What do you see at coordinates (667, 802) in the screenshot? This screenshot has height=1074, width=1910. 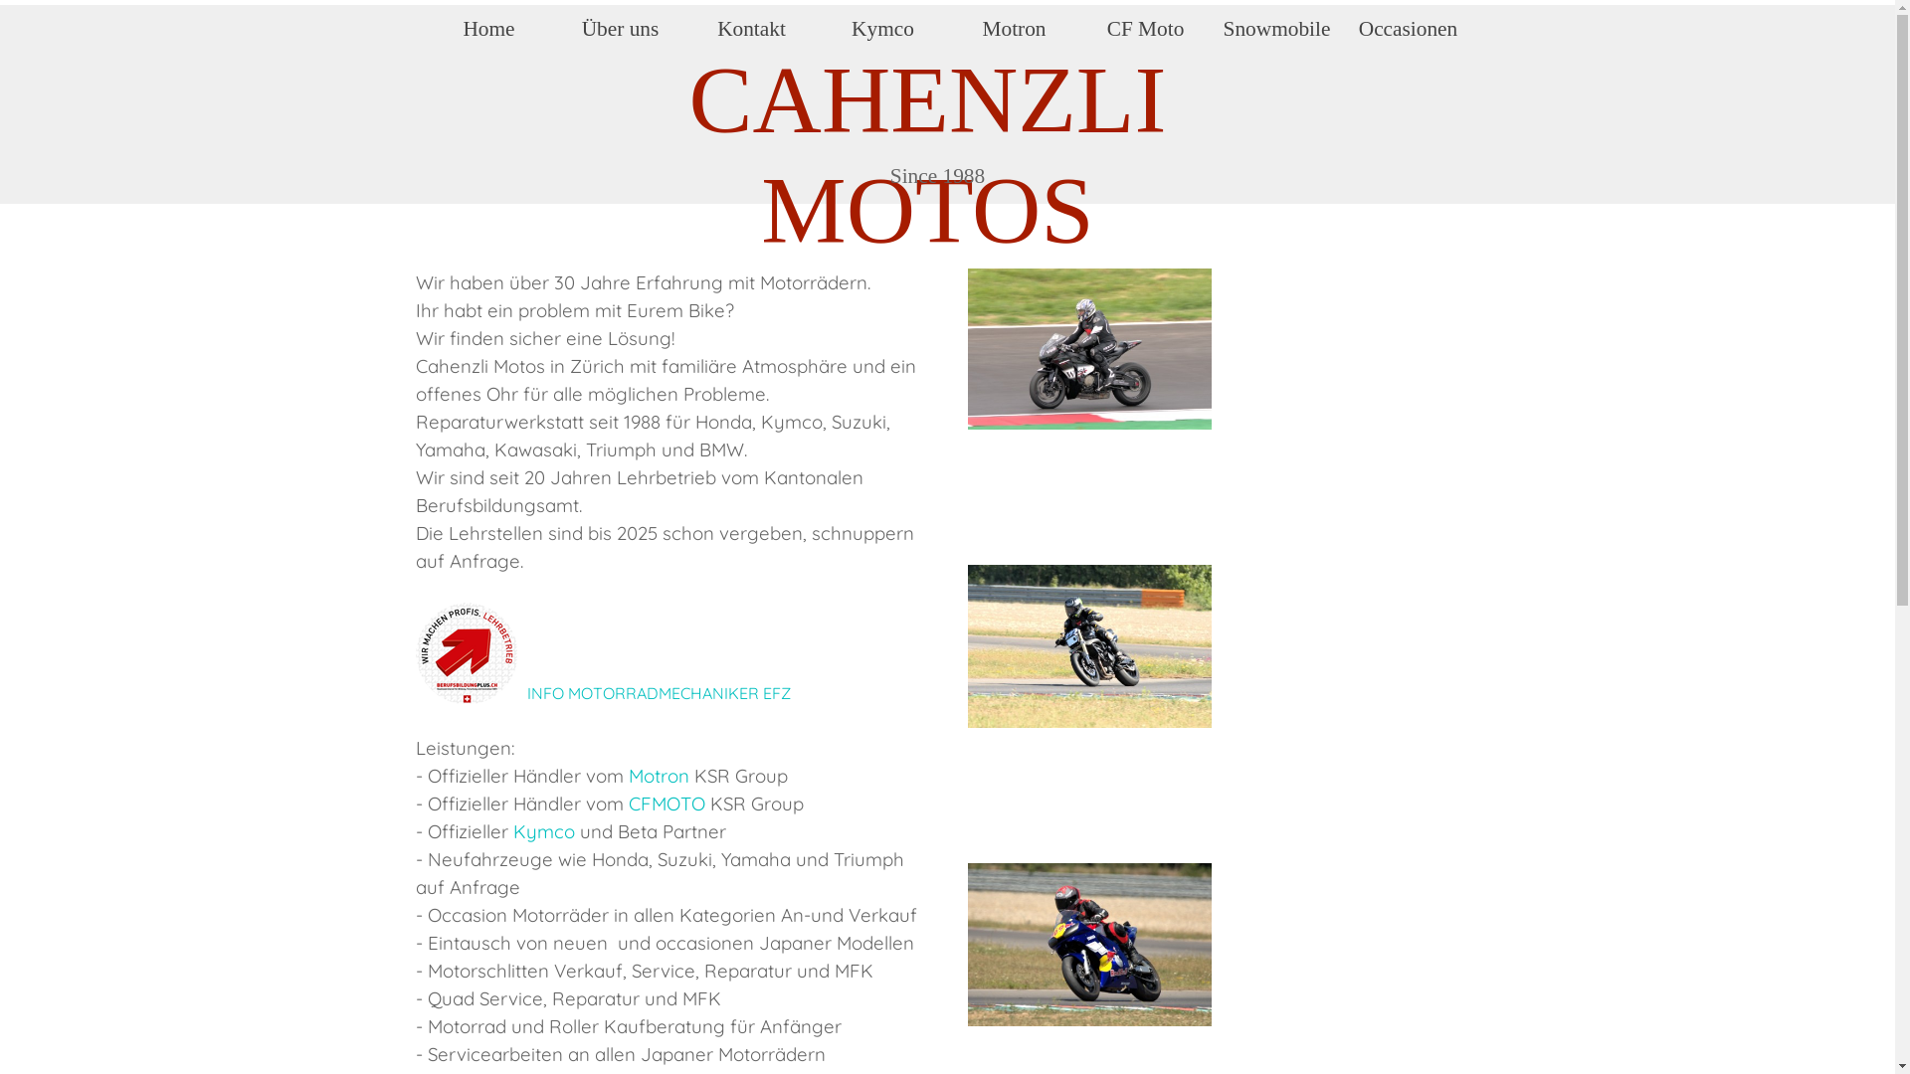 I see `'CFMOTO'` at bounding box center [667, 802].